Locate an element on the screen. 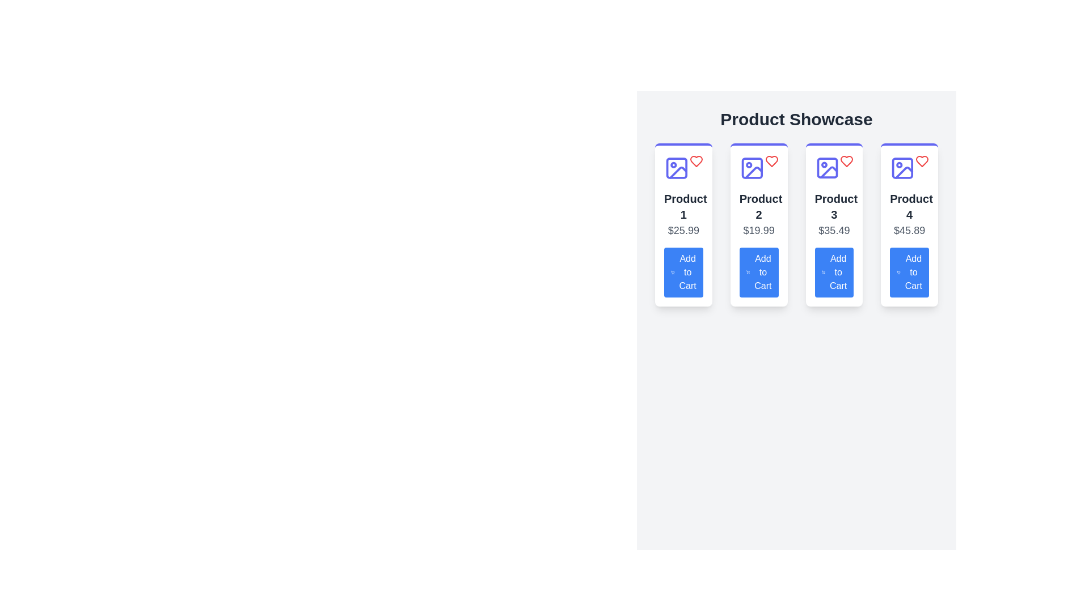  the text label that serves as the product's title, located in the first product card from the left, positioned between the image placeholder and the price label is located at coordinates (683, 207).